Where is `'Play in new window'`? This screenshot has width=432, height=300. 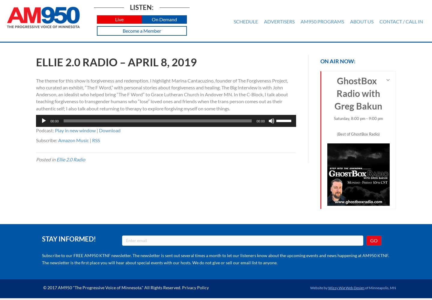 'Play in new window' is located at coordinates (75, 130).